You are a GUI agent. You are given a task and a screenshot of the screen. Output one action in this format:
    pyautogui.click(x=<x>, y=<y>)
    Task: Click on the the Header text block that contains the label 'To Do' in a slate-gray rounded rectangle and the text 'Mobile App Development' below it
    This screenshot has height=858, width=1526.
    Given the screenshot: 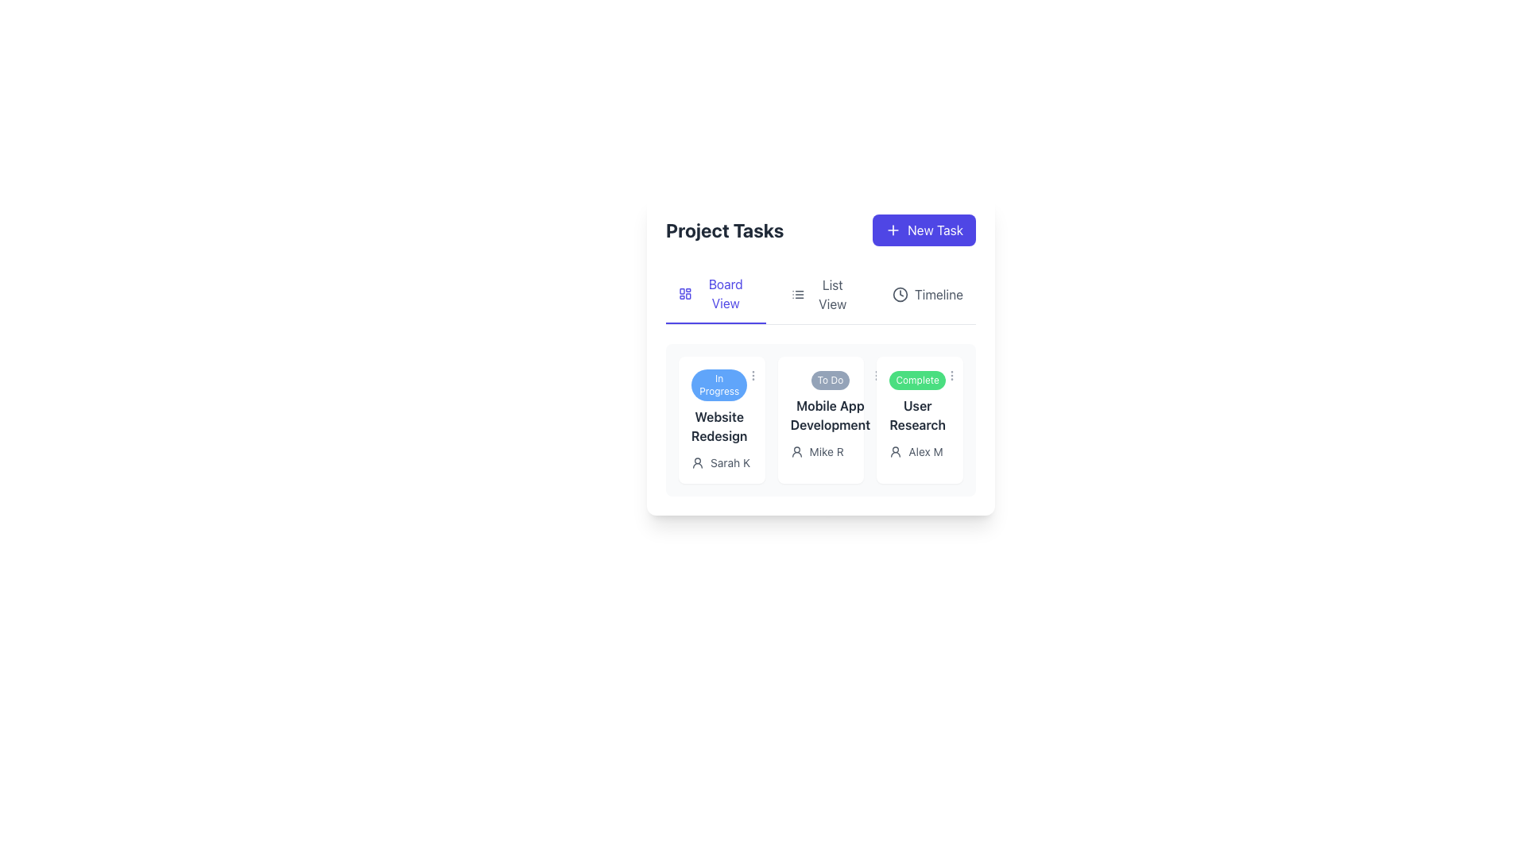 What is the action you would take?
    pyautogui.click(x=820, y=400)
    